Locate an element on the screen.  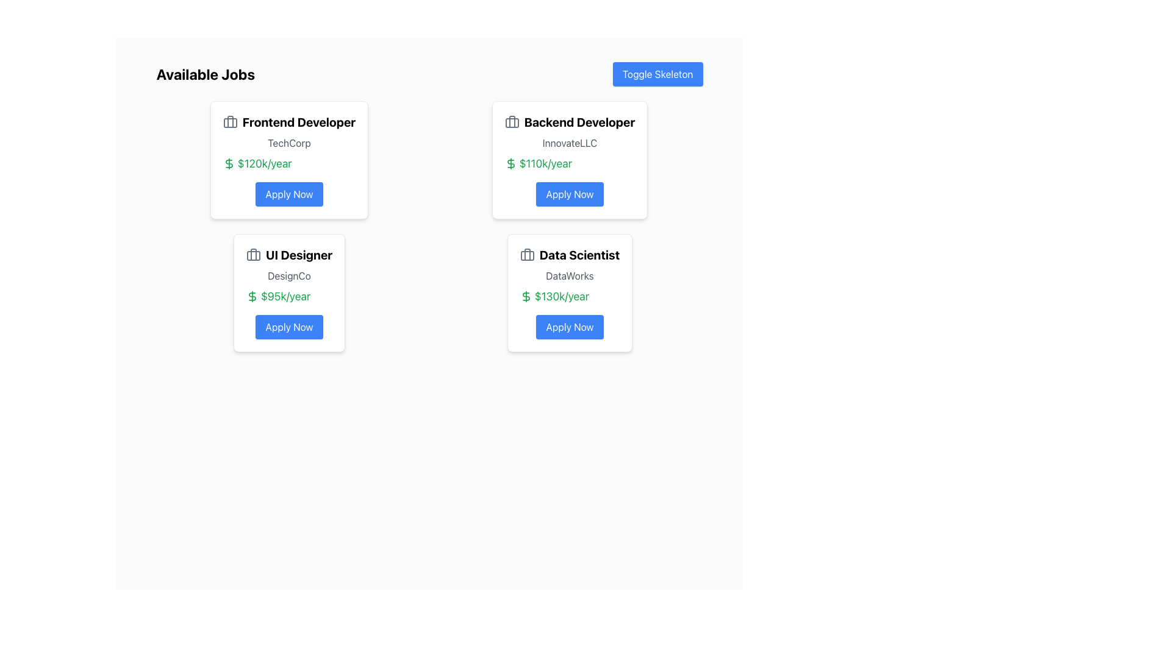
the icon positioned to the left of the 'UI Designer' title in the card header, which visually indicates job roles is located at coordinates (252, 255).